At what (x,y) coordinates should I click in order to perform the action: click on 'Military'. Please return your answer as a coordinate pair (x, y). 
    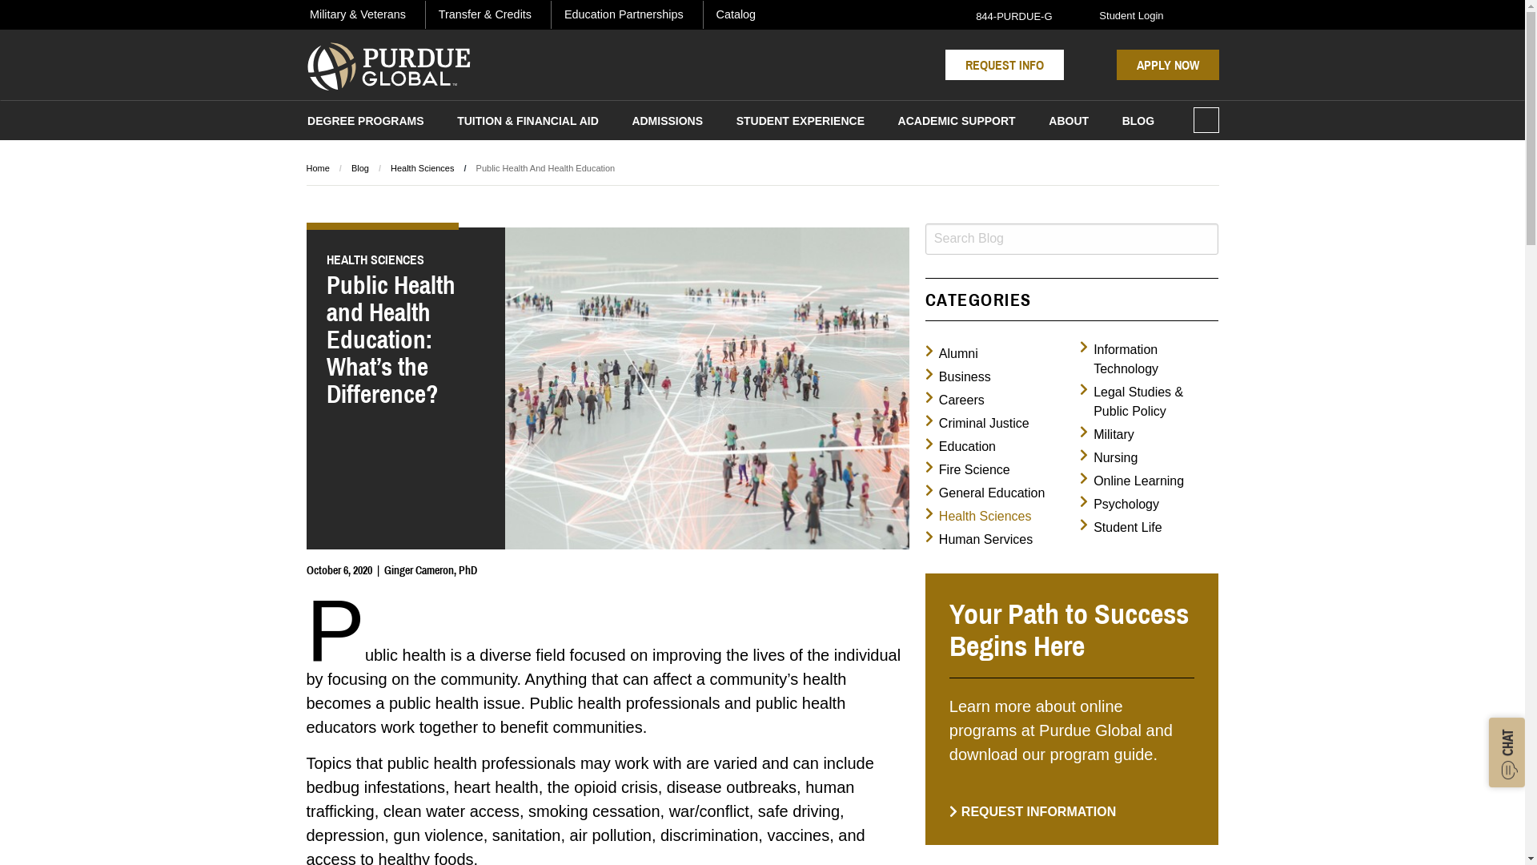
    Looking at the image, I should click on (1106, 435).